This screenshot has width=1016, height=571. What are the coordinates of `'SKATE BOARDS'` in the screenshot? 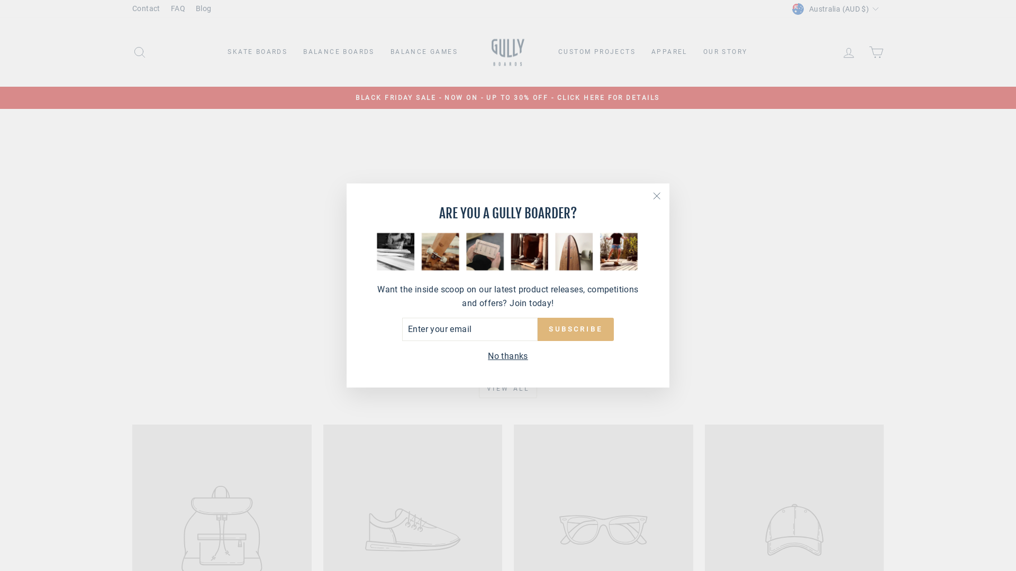 It's located at (257, 52).